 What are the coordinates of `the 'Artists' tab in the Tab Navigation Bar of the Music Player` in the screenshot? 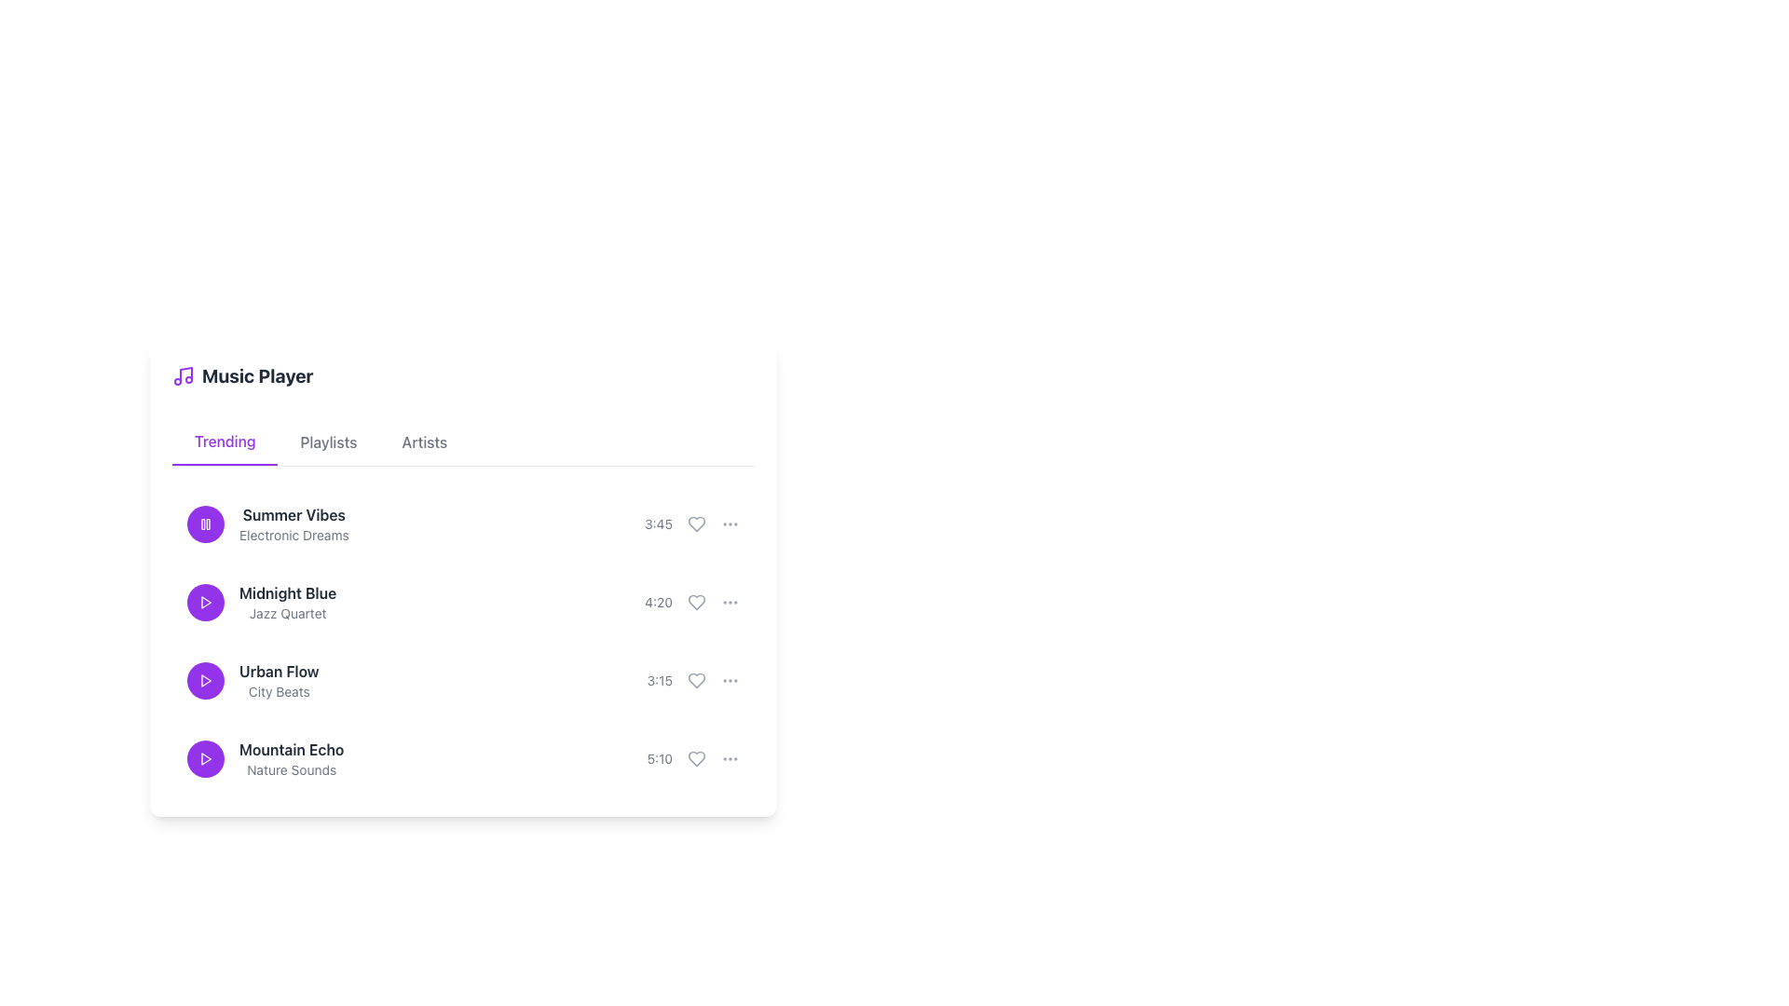 It's located at (463, 442).